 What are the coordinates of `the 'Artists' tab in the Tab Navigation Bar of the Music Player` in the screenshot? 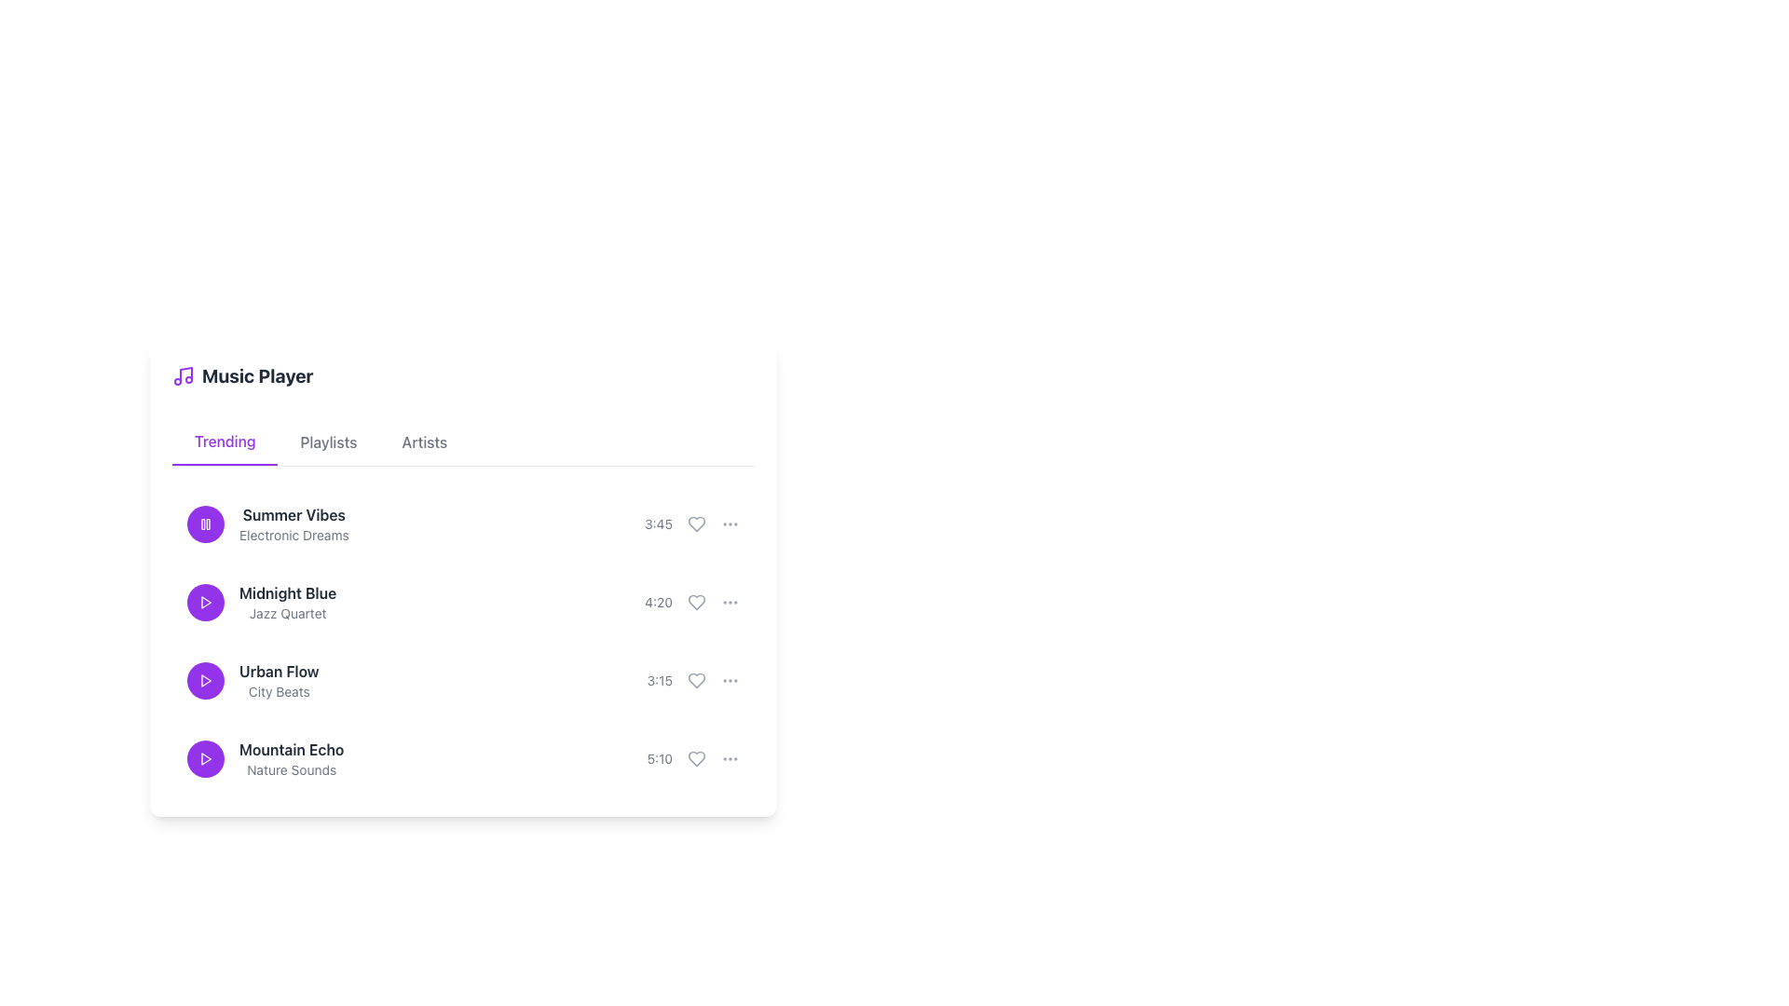 It's located at (463, 442).